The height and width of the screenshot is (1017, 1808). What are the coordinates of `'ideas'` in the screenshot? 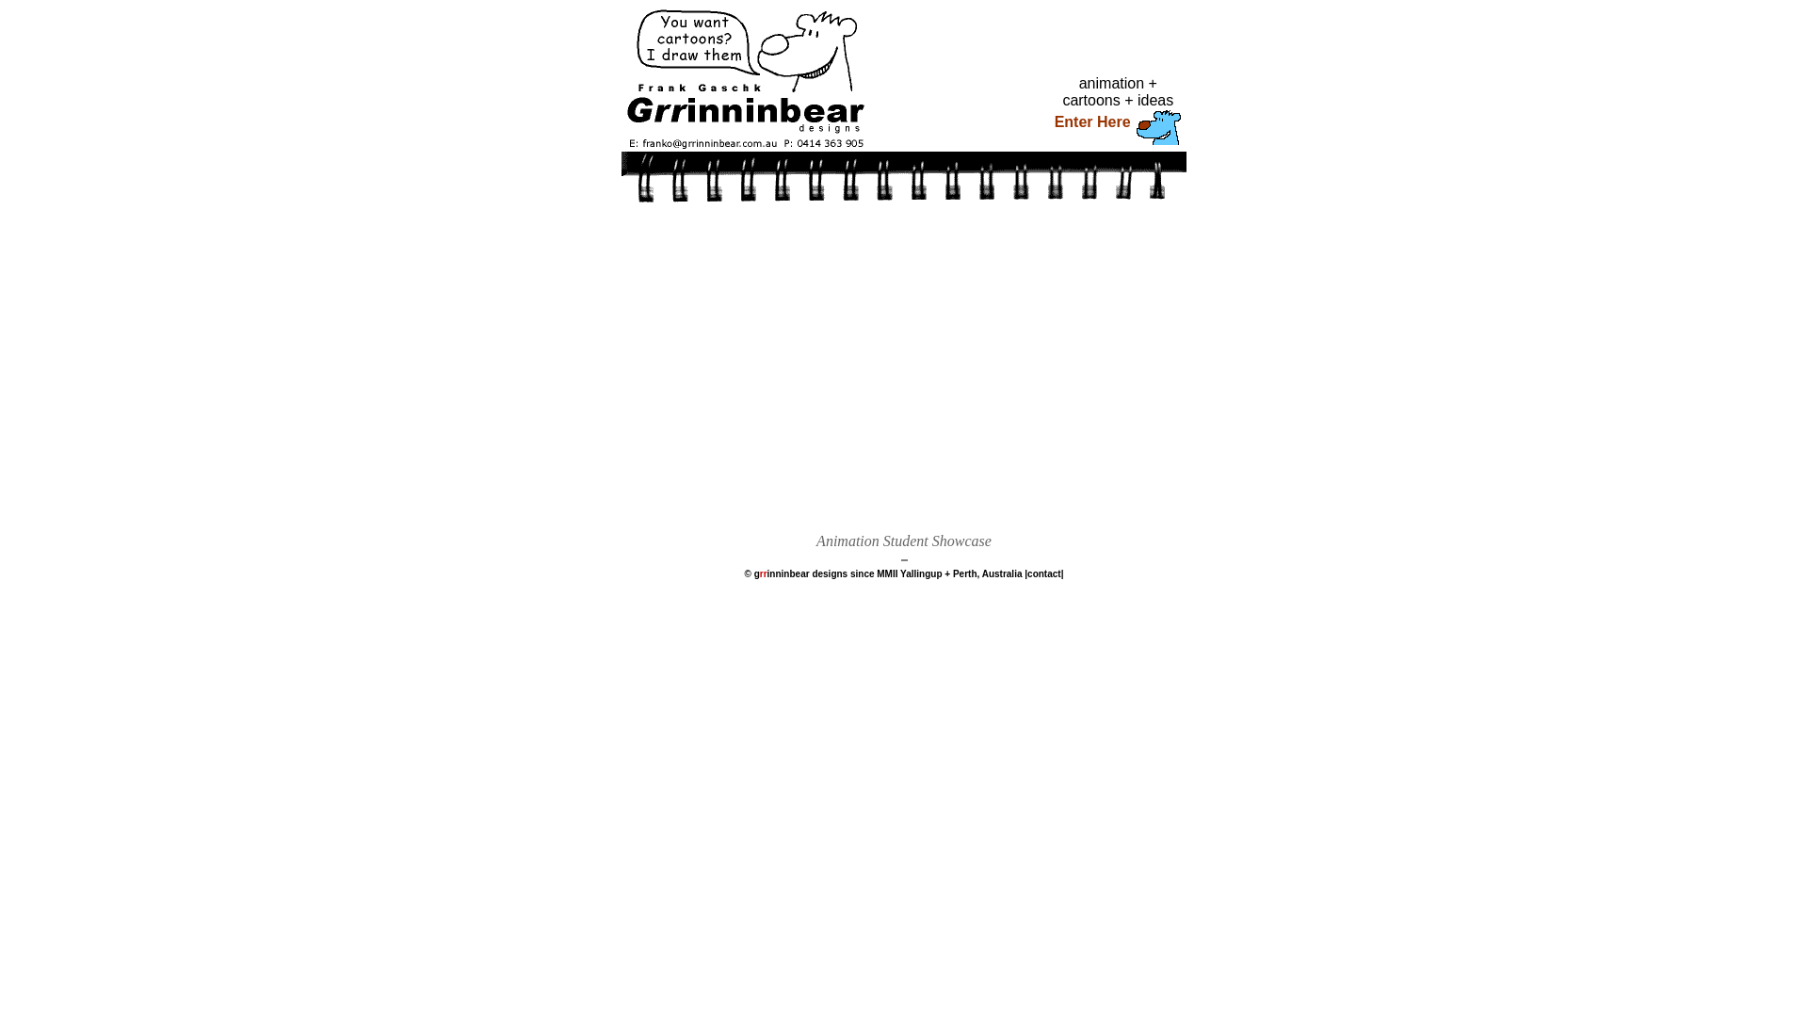 It's located at (1154, 100).